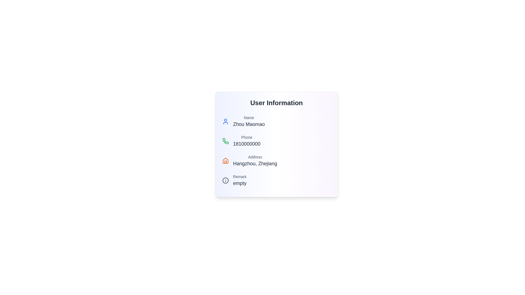 This screenshot has width=525, height=295. What do you see at coordinates (249, 117) in the screenshot?
I see `the text label that indicates 'Zhou Maomao' as the user's name, positioned at the top of the user details section in the card-like interface` at bounding box center [249, 117].